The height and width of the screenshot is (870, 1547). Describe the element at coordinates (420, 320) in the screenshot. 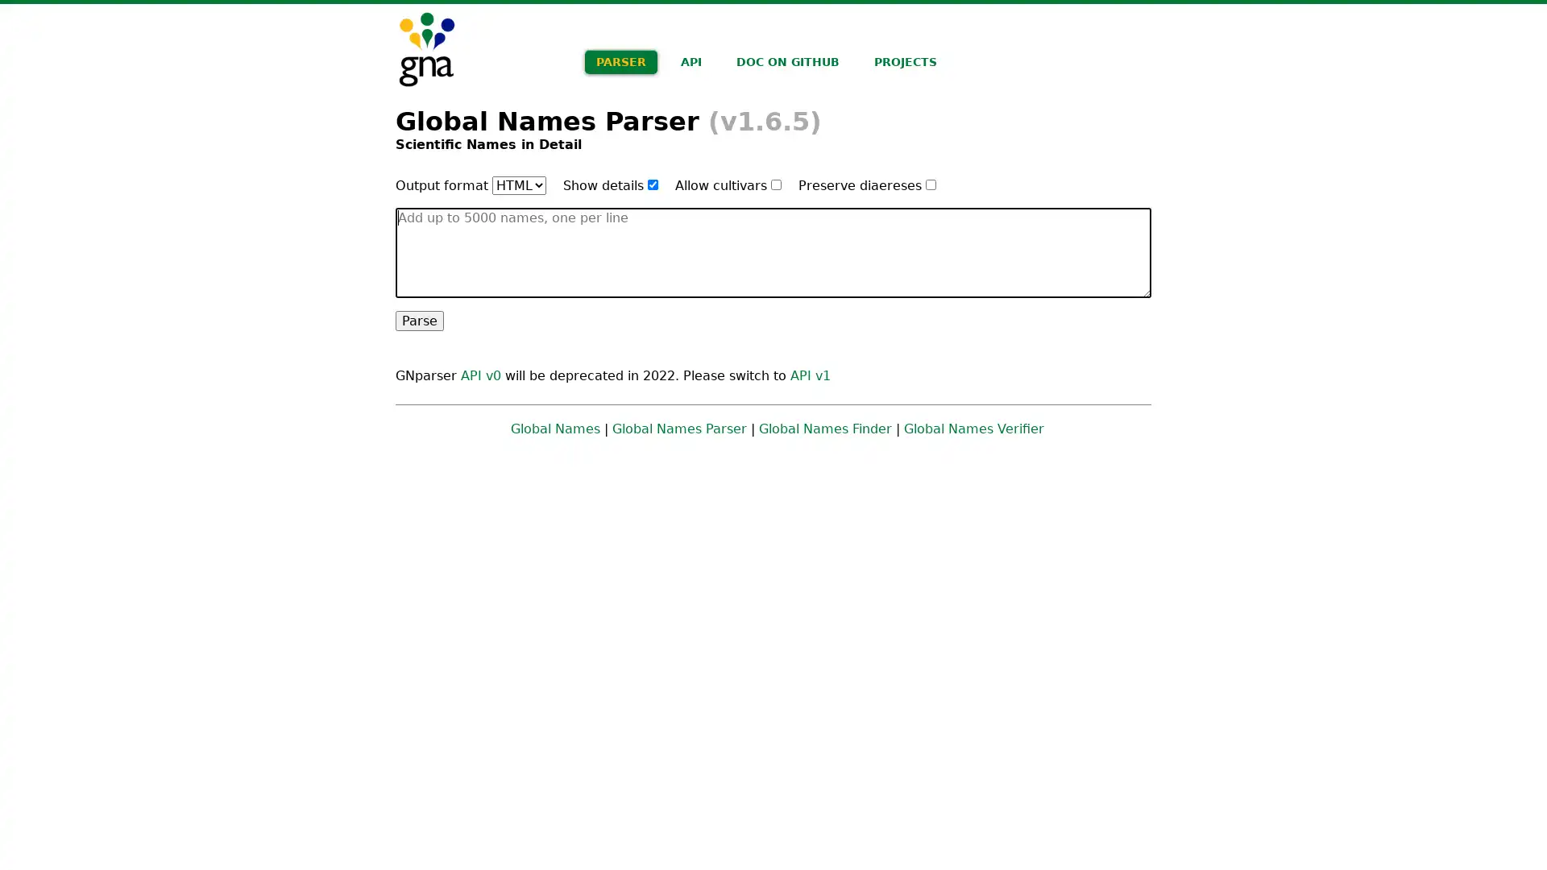

I see `Parse` at that location.